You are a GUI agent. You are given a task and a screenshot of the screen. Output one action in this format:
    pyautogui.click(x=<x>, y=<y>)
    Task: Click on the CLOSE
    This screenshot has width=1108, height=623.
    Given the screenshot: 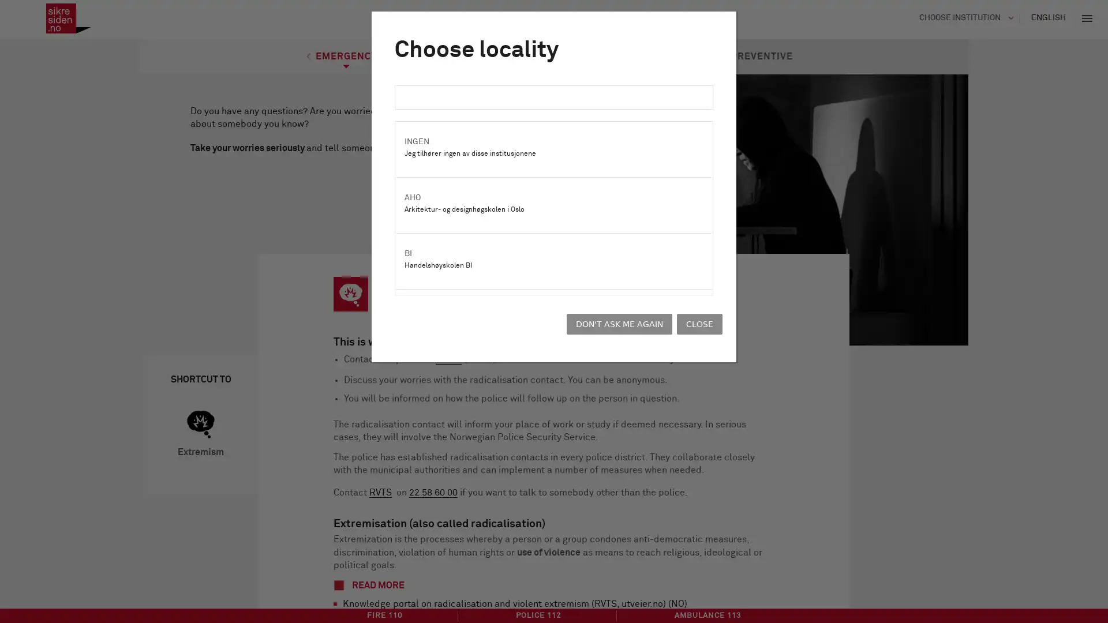 What is the action you would take?
    pyautogui.click(x=699, y=324)
    